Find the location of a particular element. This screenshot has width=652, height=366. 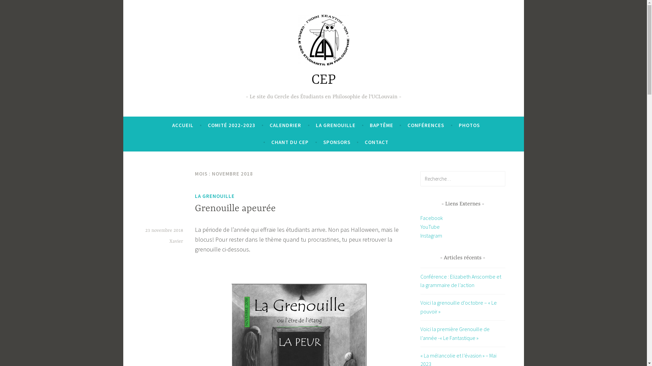

'Facebook' is located at coordinates (431, 218).